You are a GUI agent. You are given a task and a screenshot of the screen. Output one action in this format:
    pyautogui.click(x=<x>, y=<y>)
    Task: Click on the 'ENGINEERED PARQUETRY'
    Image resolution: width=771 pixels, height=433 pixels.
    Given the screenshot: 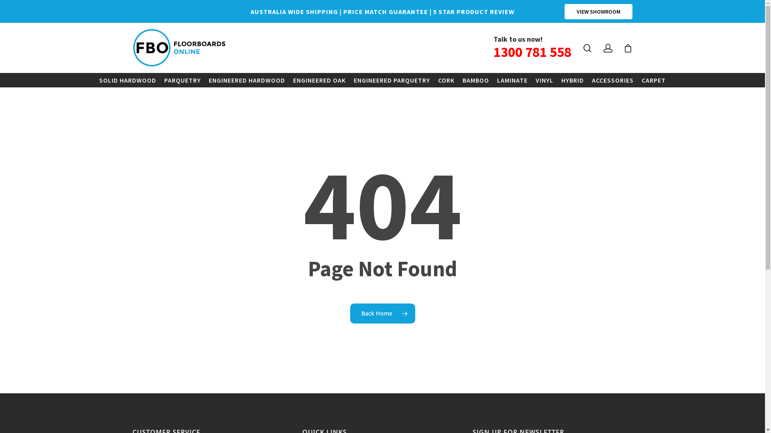 What is the action you would take?
    pyautogui.click(x=349, y=80)
    